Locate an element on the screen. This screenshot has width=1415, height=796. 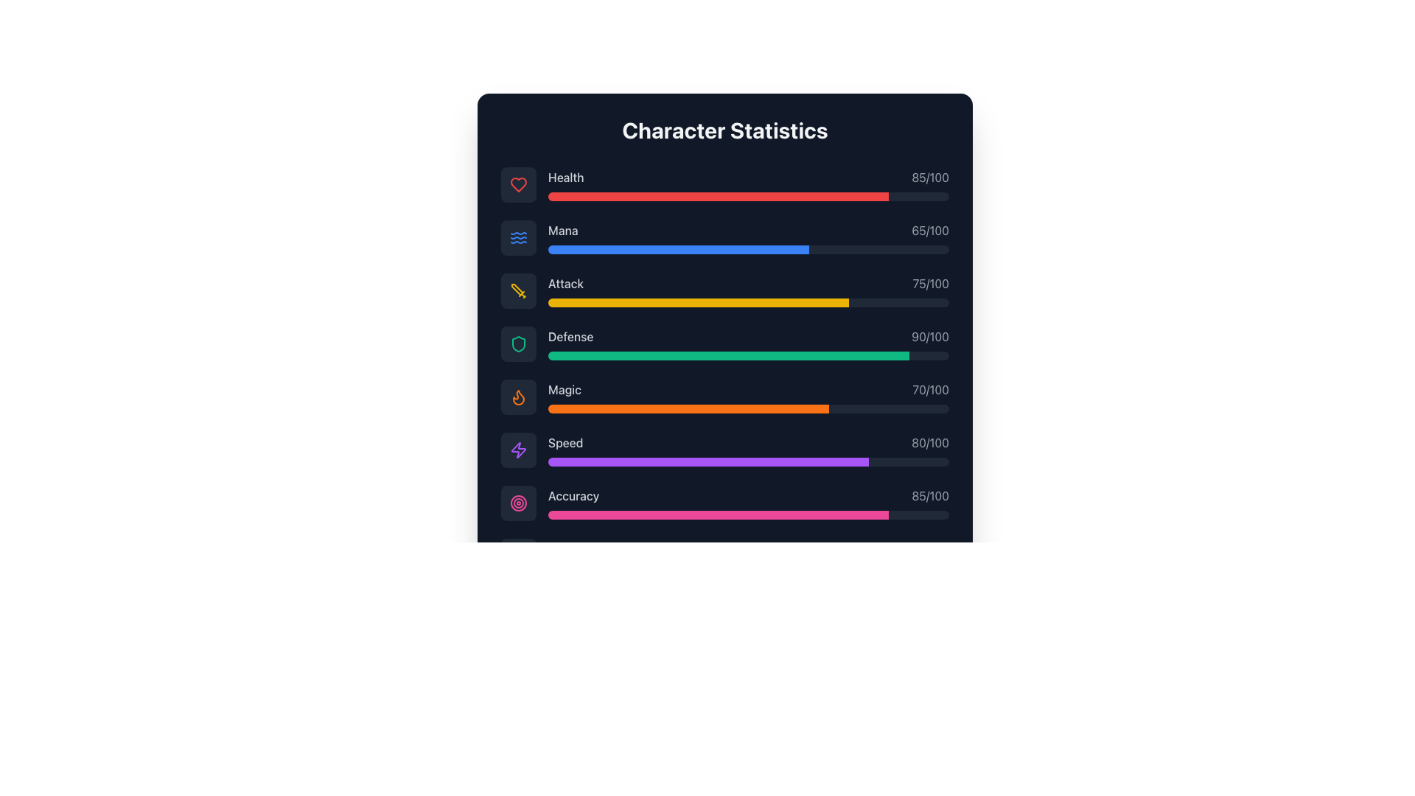
progress bar labeled 'Accuracy' which shows a filled pink section indicating 85% and is located at the bottom of the character statistics section is located at coordinates (749, 502).